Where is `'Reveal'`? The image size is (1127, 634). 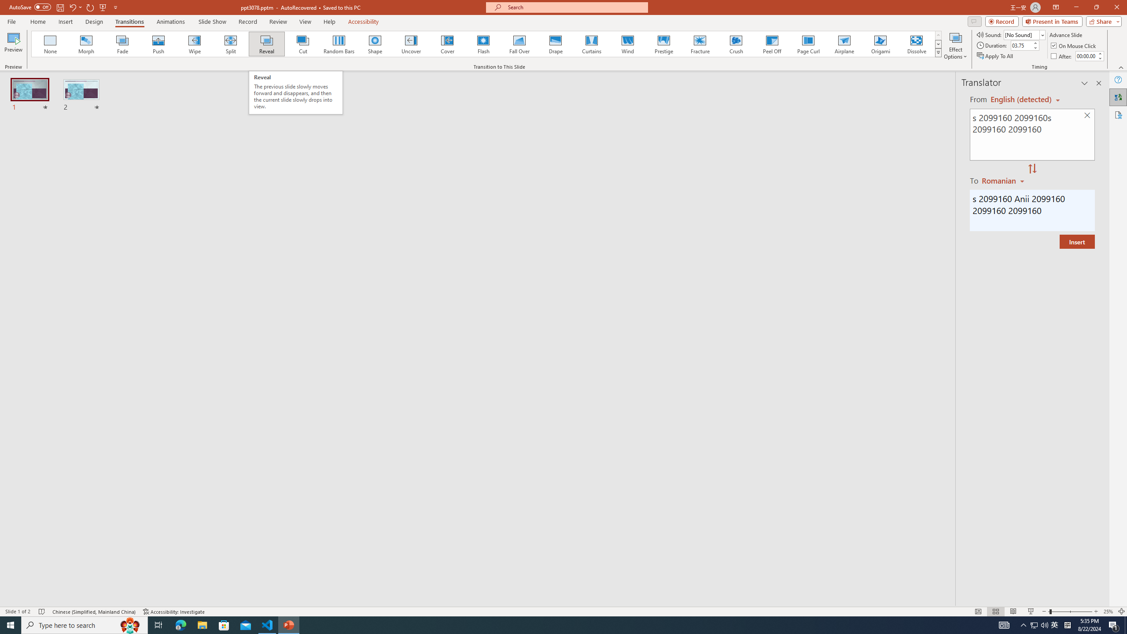
'Reveal' is located at coordinates (267, 44).